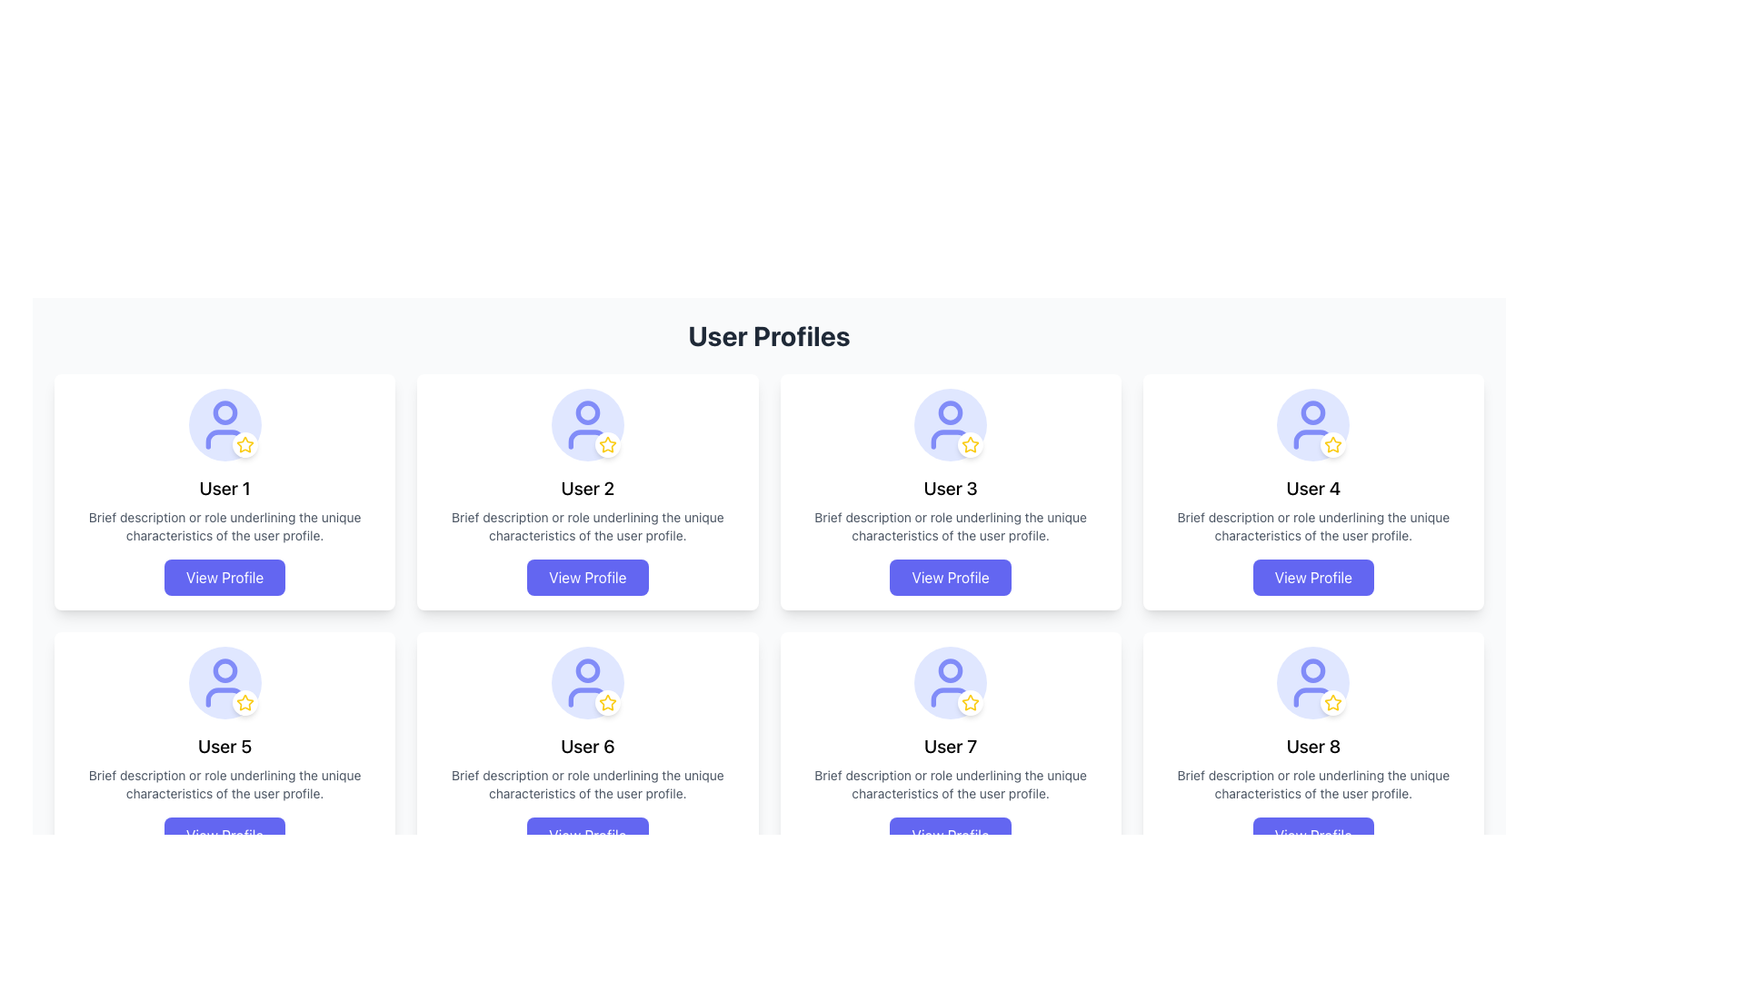  I want to click on the circular decorative shape within the user profile icon located in the first row, second position of the user profiles grid, so click(224, 412).